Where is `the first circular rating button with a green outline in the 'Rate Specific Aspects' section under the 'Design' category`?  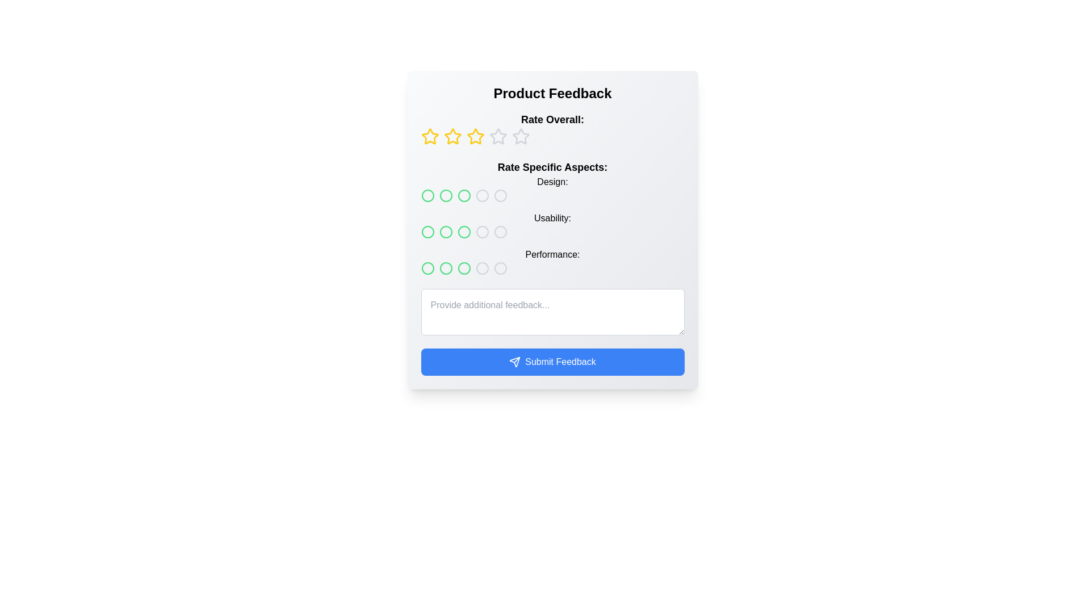 the first circular rating button with a green outline in the 'Rate Specific Aspects' section under the 'Design' category is located at coordinates (427, 195).